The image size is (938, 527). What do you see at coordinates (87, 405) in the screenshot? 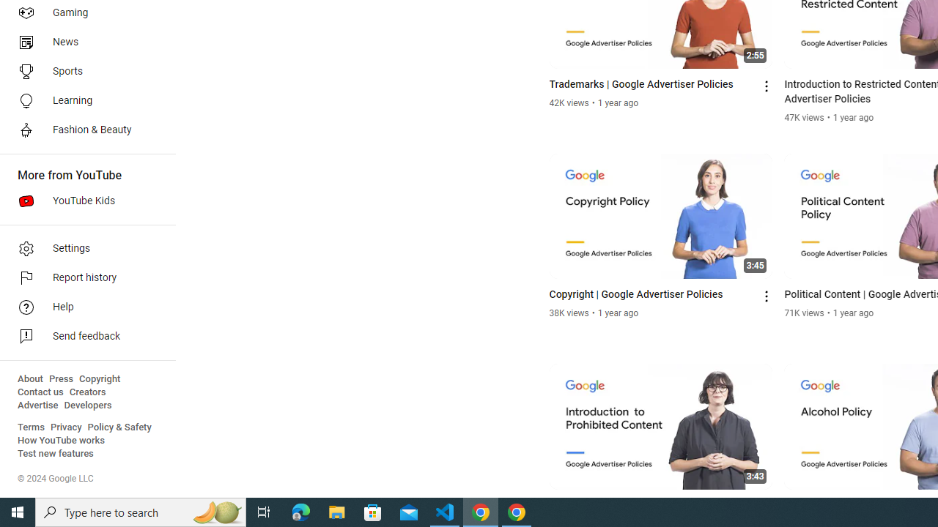
I see `'Developers'` at bounding box center [87, 405].